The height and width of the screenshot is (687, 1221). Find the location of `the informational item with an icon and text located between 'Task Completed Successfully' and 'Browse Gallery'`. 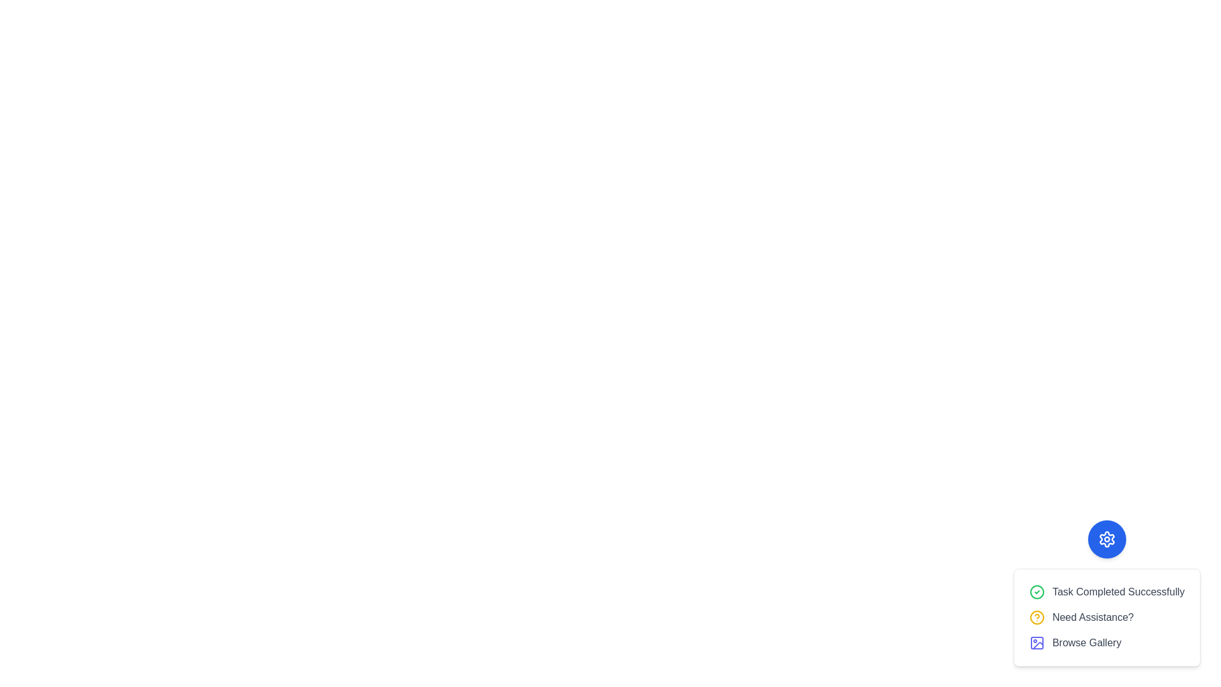

the informational item with an icon and text located between 'Task Completed Successfully' and 'Browse Gallery' is located at coordinates (1106, 617).